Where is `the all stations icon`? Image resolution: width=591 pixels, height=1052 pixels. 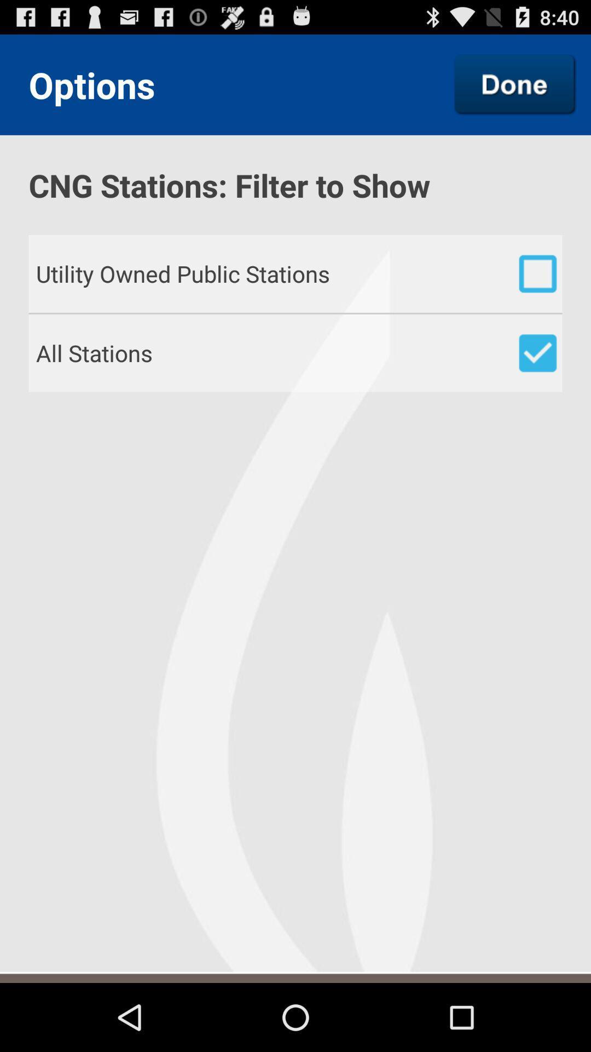
the all stations icon is located at coordinates (299, 353).